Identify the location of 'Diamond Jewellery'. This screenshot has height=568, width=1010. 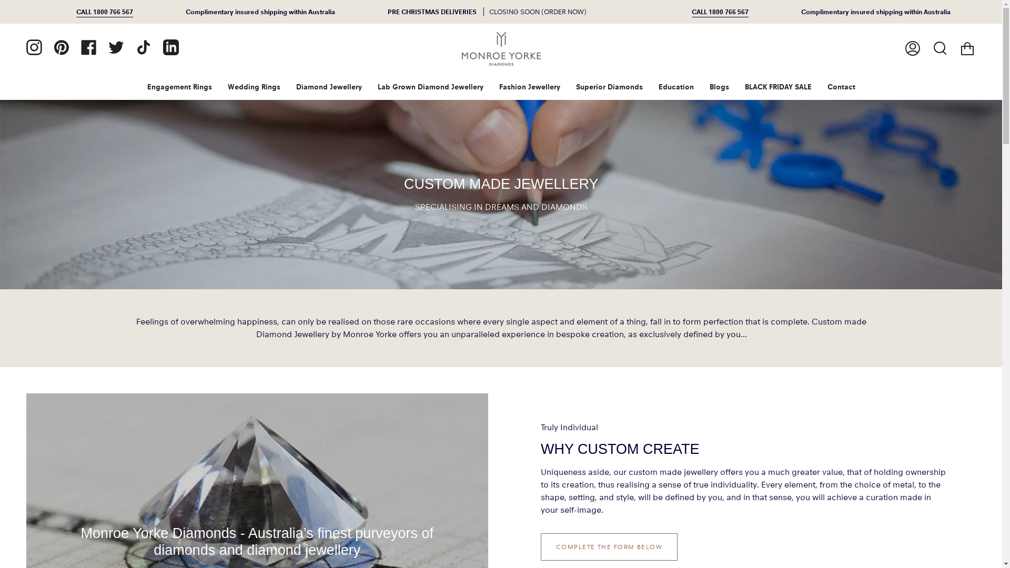
(288, 86).